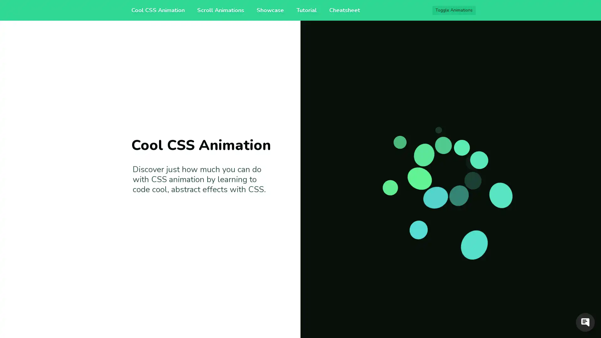 The image size is (601, 338). What do you see at coordinates (454, 10) in the screenshot?
I see `Toggle Animations` at bounding box center [454, 10].